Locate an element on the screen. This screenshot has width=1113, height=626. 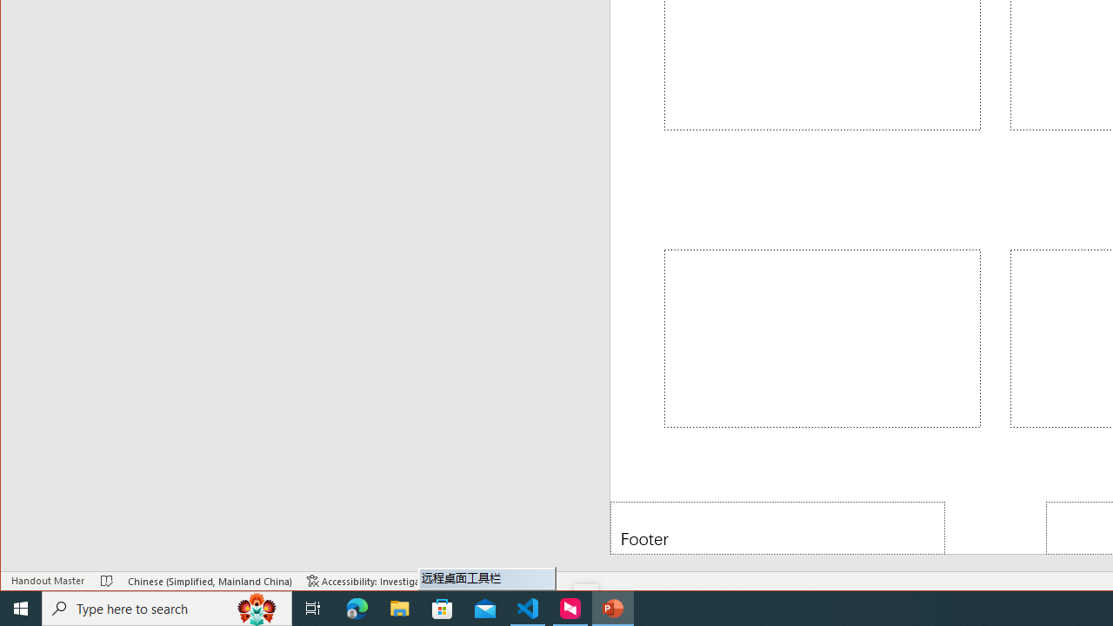
'Type here to search' is located at coordinates (167, 607).